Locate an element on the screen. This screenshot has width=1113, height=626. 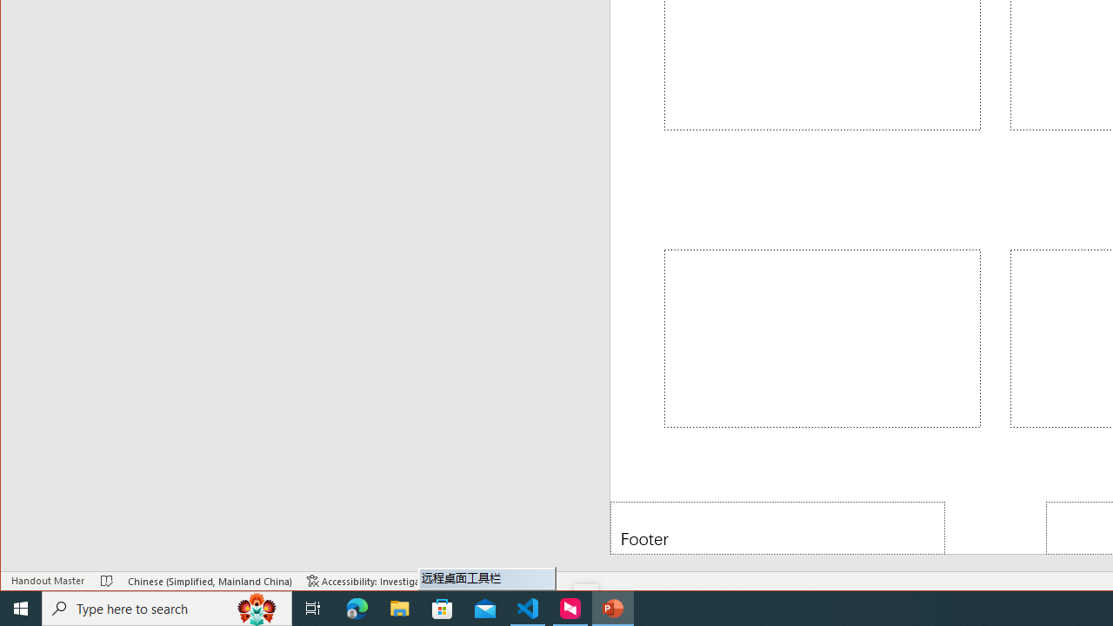
'Type here to search' is located at coordinates (167, 607).